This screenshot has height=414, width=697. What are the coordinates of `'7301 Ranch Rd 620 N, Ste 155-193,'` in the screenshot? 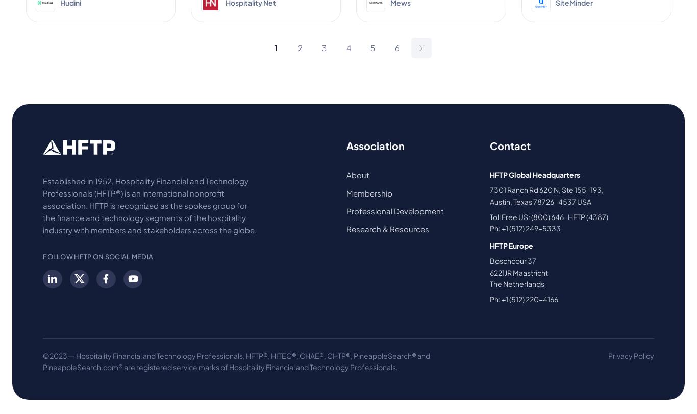 It's located at (545, 190).